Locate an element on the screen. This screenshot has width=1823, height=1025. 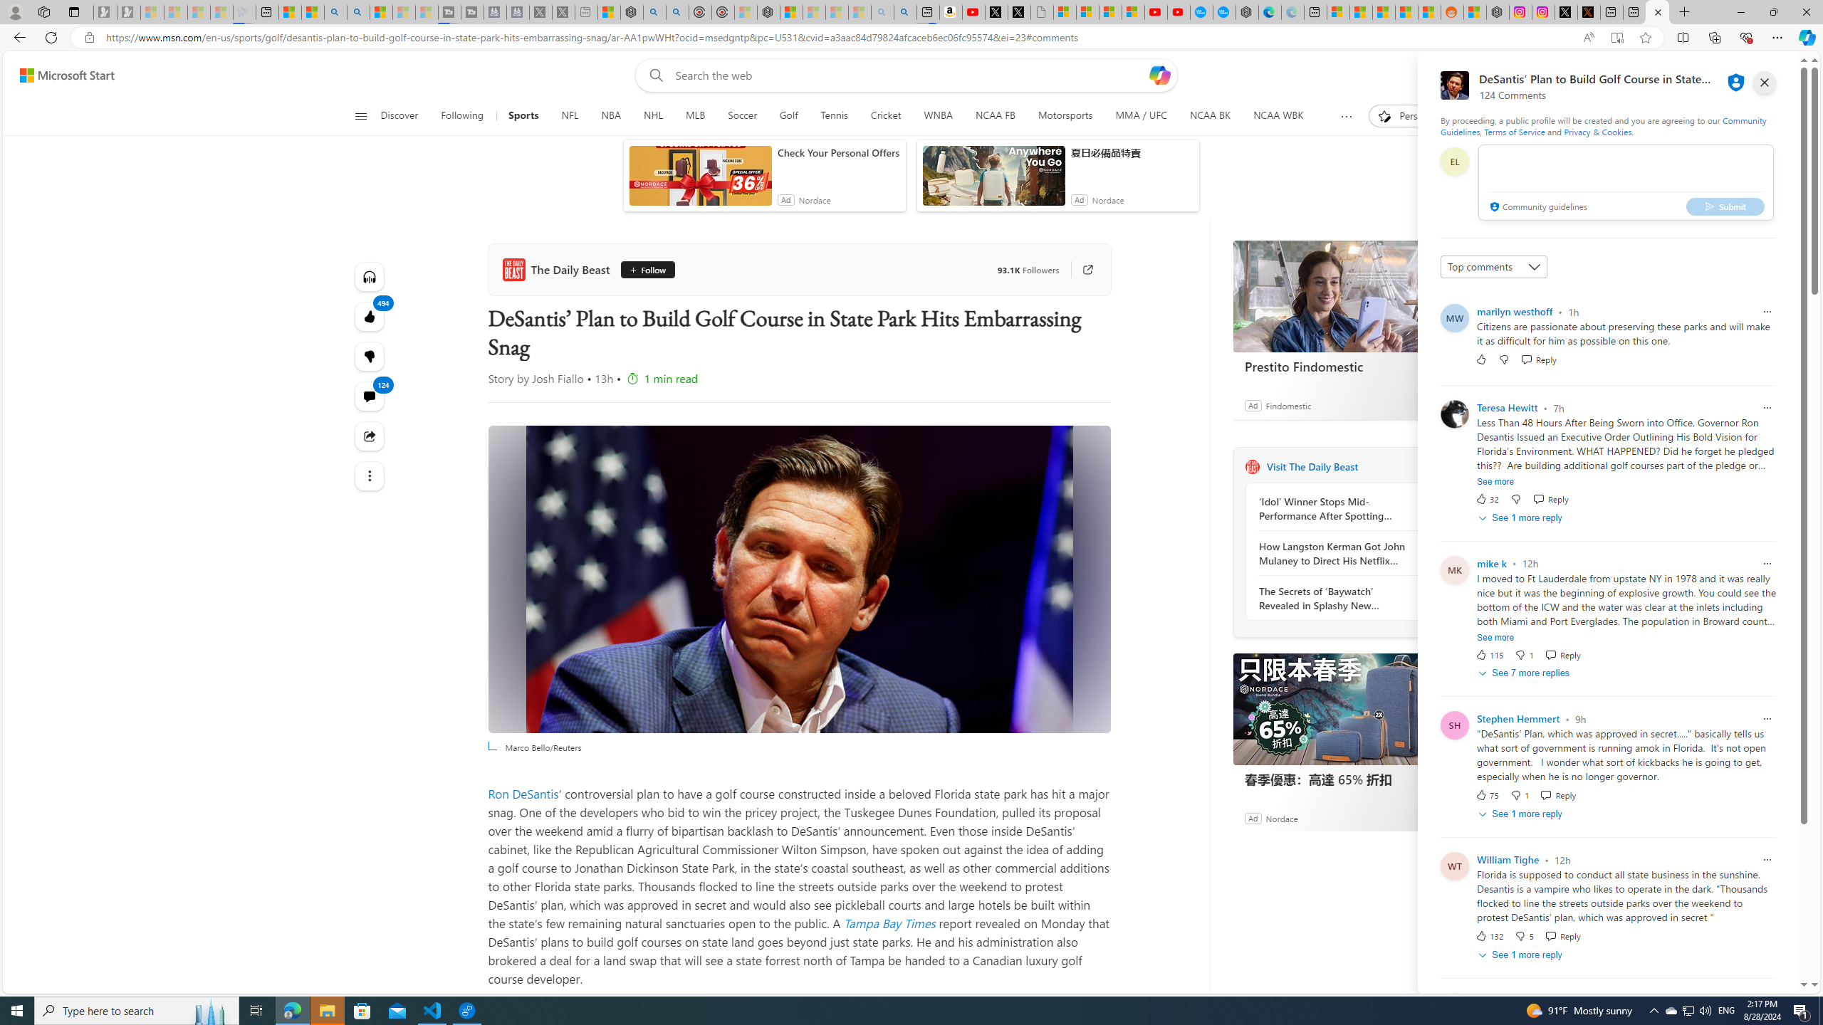
'Listen to this article' is located at coordinates (369, 275).